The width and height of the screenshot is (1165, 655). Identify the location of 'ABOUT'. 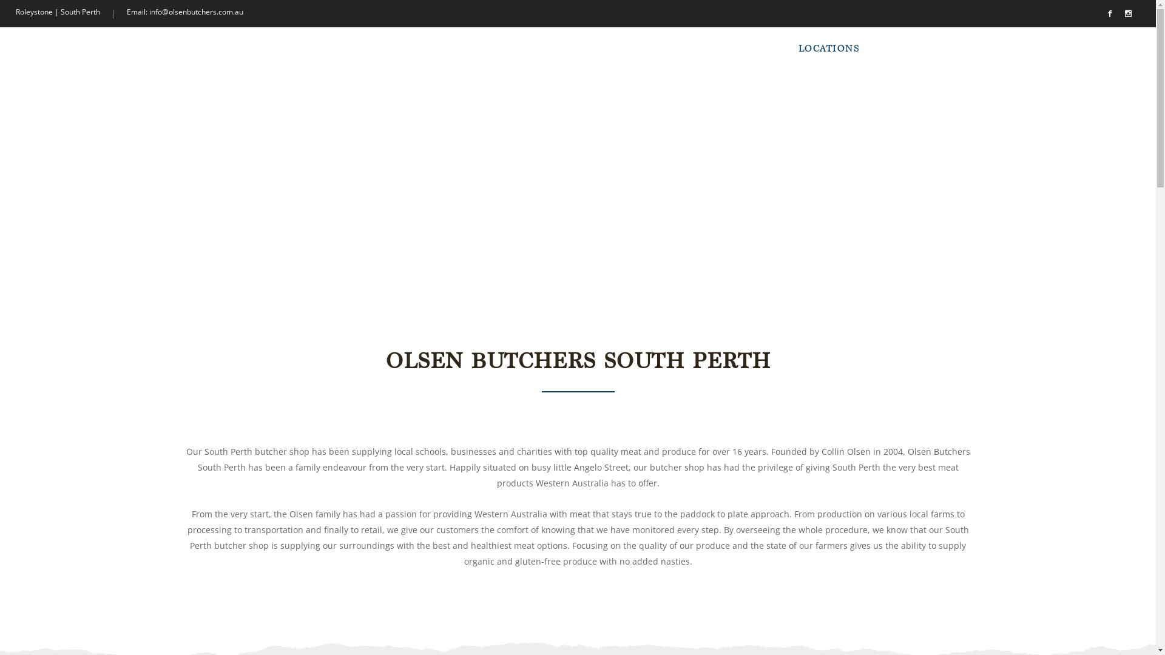
(758, 47).